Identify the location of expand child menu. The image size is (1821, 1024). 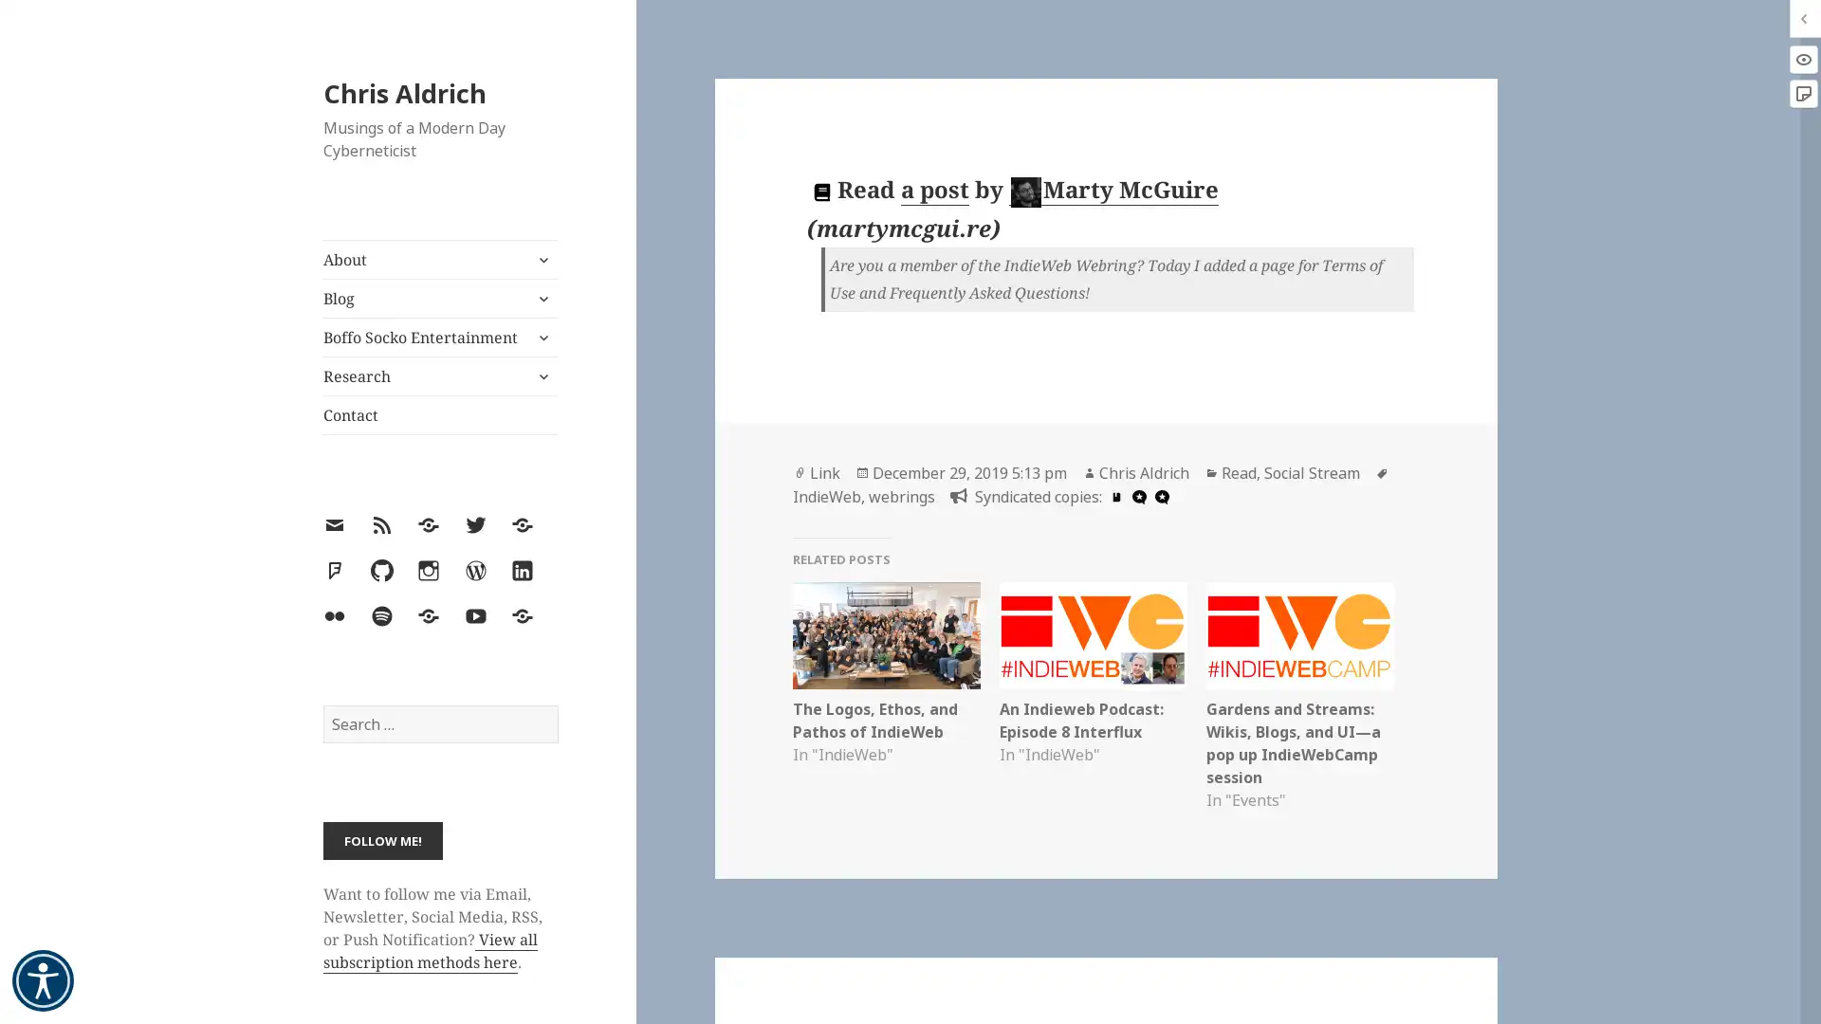
(541, 259).